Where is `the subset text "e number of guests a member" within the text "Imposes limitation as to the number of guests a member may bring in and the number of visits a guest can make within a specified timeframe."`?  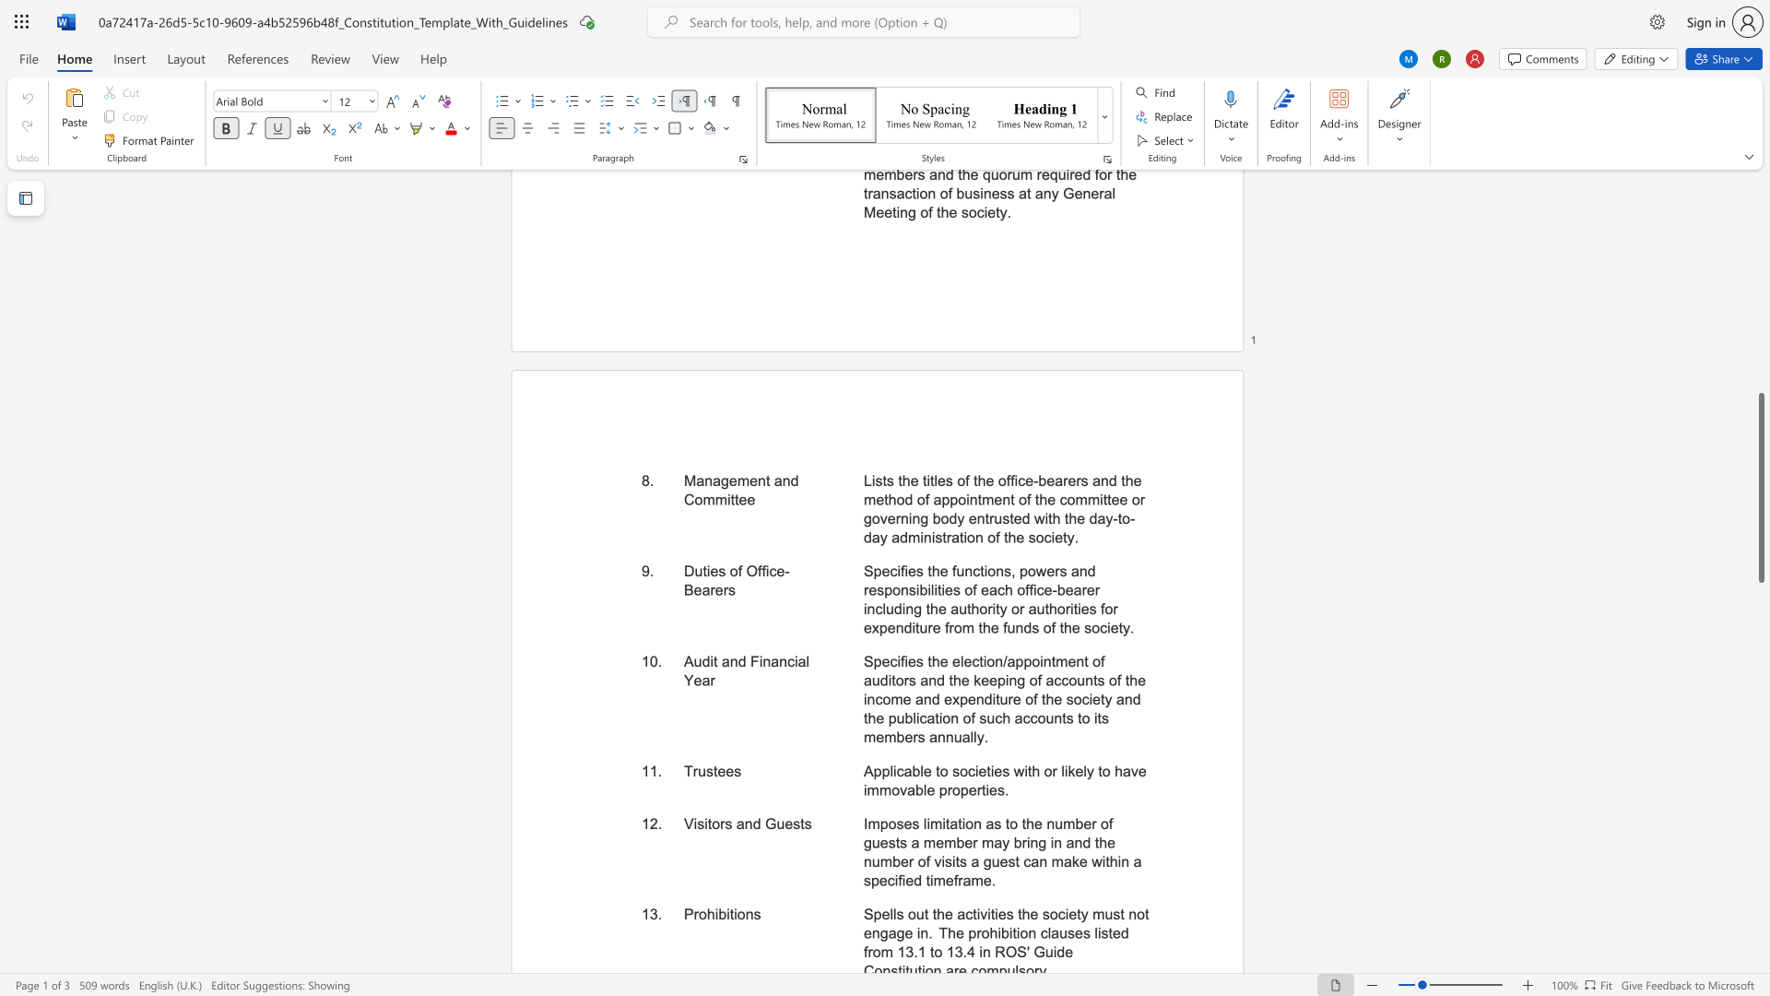
the subset text "e number of guests a member" within the text "Imposes limitation as to the number of guests a member may bring in and the number of visits a guest can make within a specified timeframe." is located at coordinates (1034, 823).